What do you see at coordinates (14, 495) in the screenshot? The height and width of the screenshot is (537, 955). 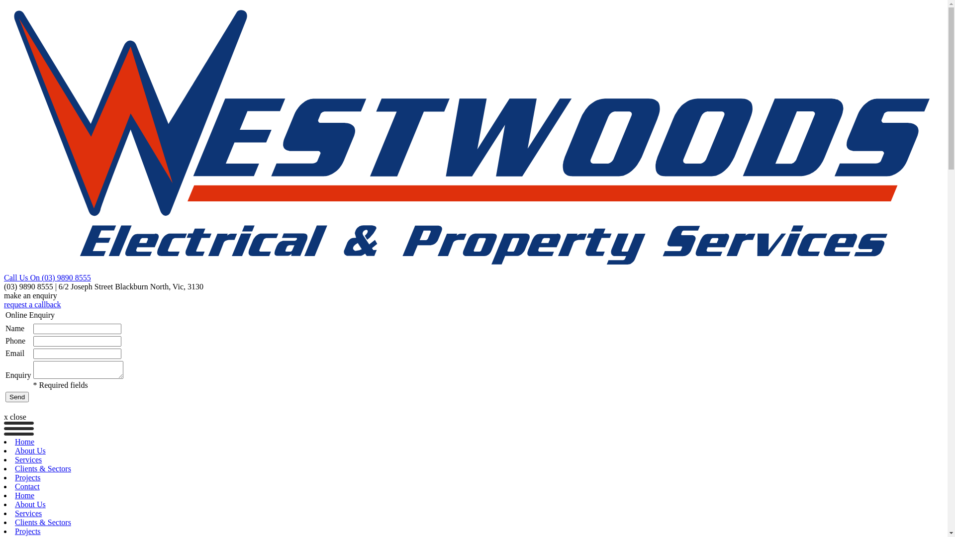 I see `'Home'` at bounding box center [14, 495].